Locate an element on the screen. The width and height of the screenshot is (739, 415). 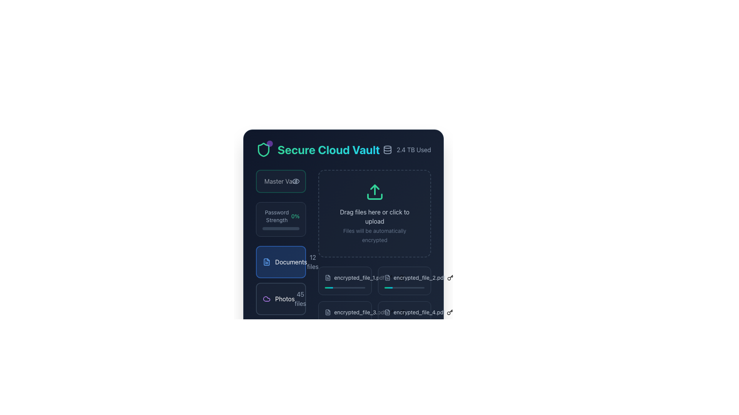
the database icon, which is dark gray and located to the left of the text '2.4 TB Used' in the top-right section of the interface is located at coordinates (387, 149).